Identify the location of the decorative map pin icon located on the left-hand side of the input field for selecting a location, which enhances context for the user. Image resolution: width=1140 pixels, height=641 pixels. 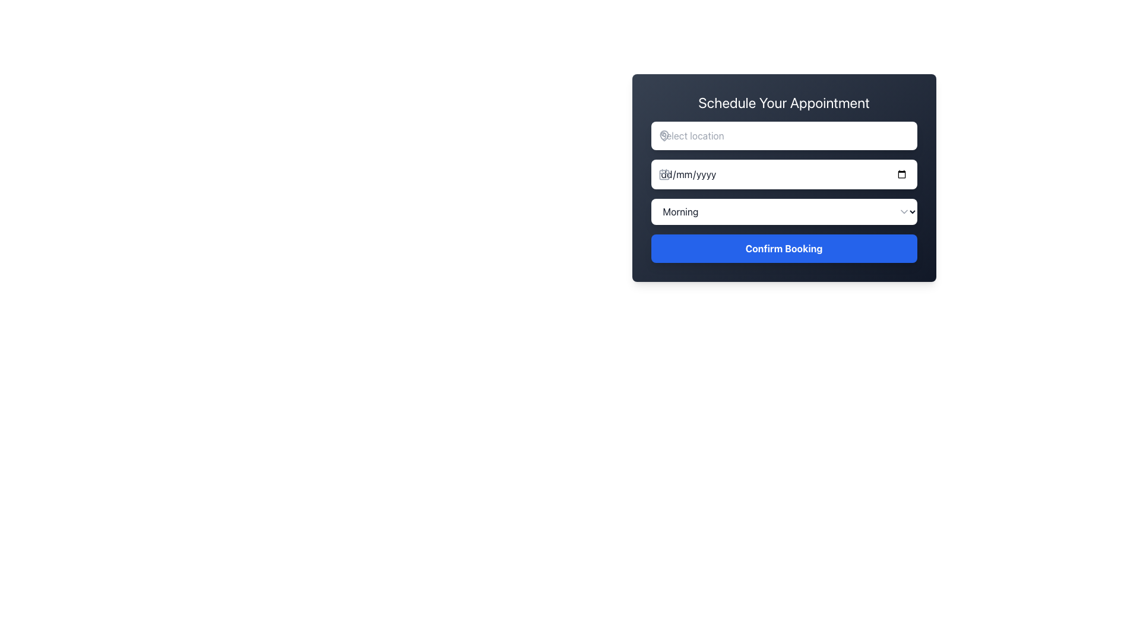
(663, 135).